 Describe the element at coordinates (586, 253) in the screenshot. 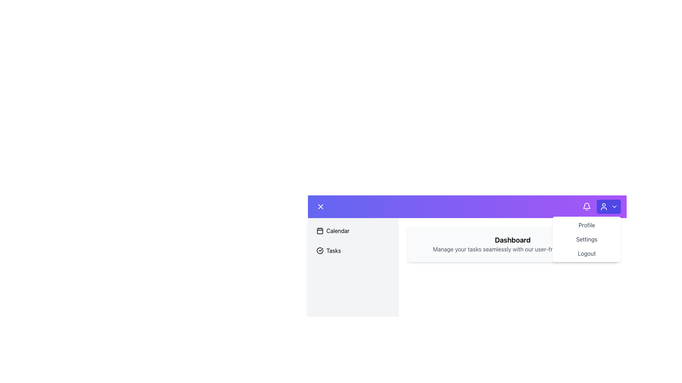

I see `the 'Logout' button, which is the third item in the dropdown list that appears when clicking on the user-related icon in the top-right corner of the interface` at that location.